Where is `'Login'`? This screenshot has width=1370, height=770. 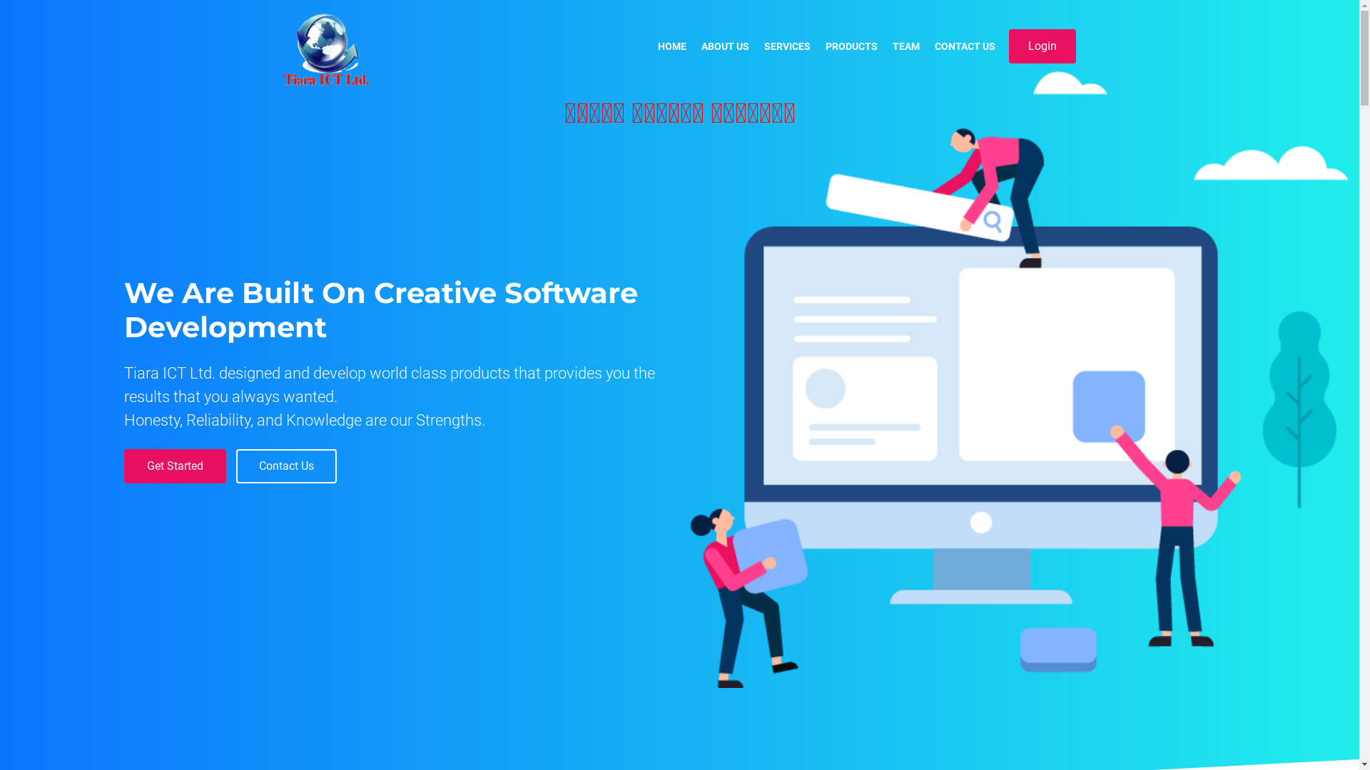
'Login' is located at coordinates (1042, 46).